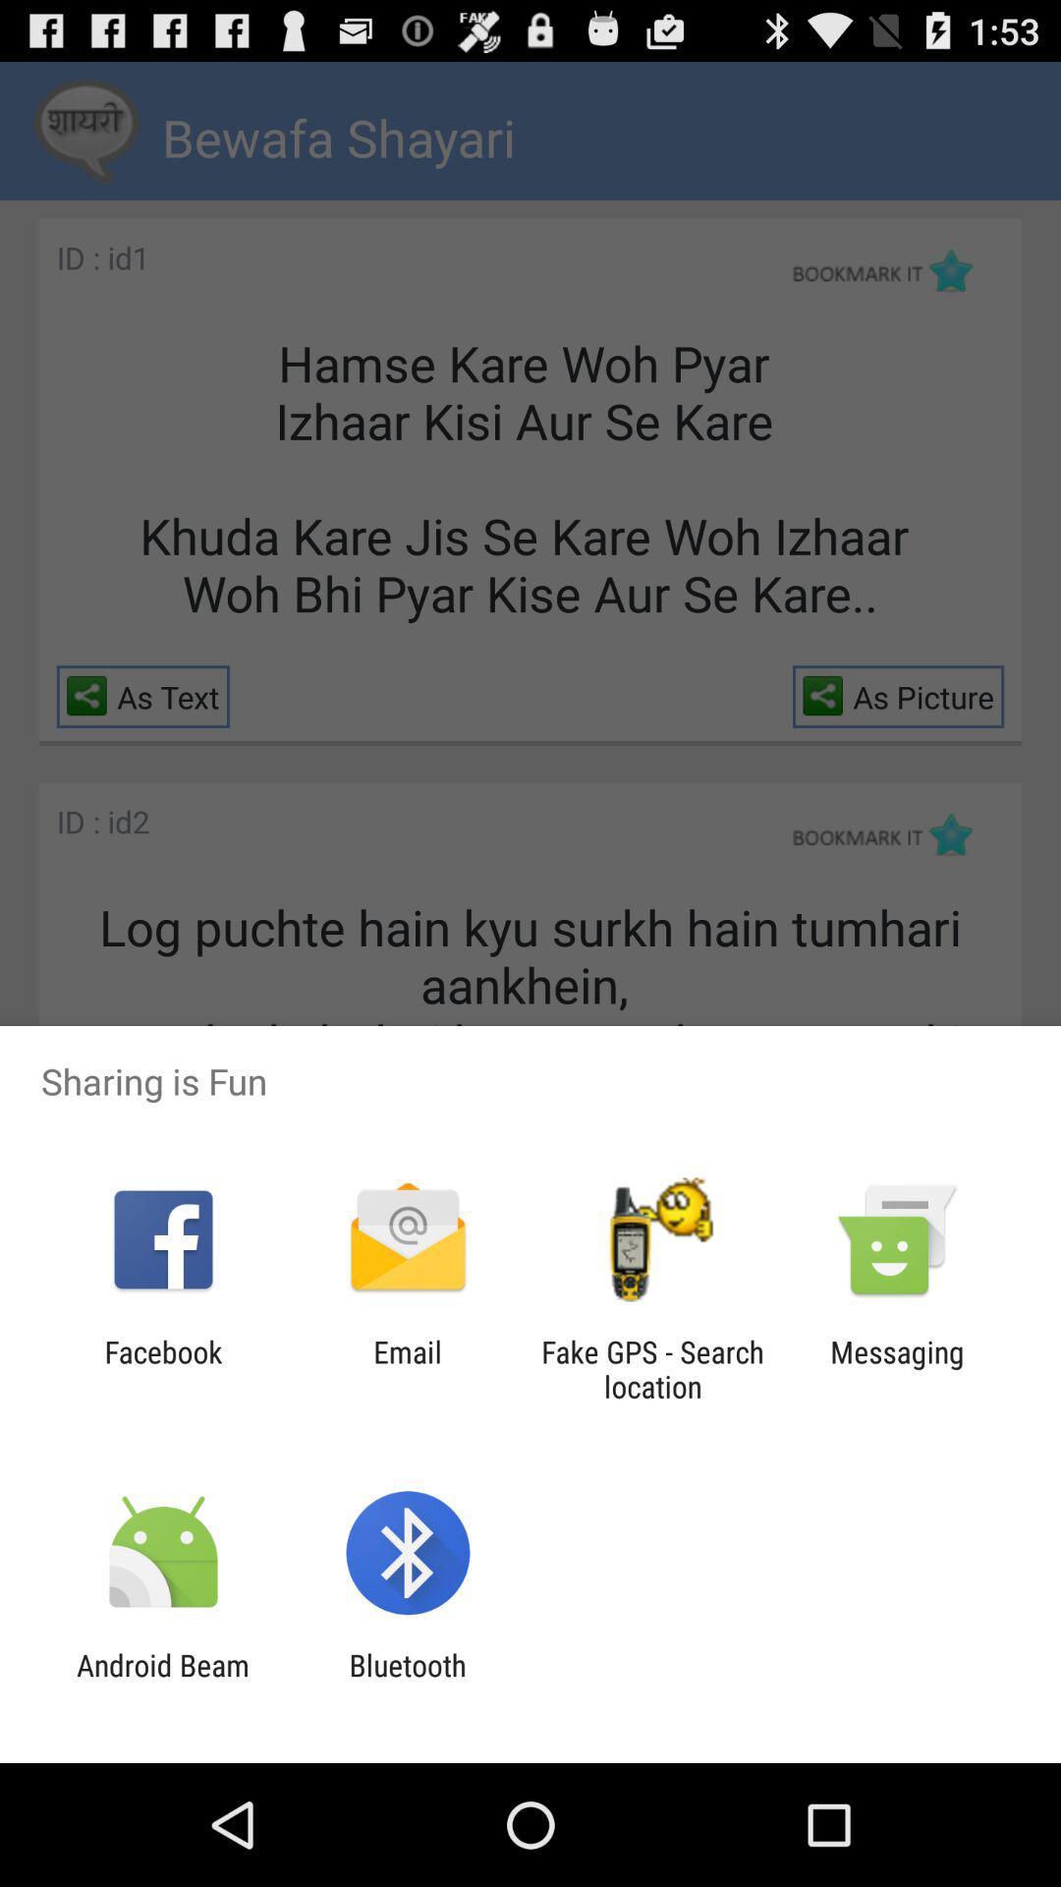 The height and width of the screenshot is (1887, 1061). Describe the element at coordinates (897, 1368) in the screenshot. I see `icon to the right of fake gps search icon` at that location.